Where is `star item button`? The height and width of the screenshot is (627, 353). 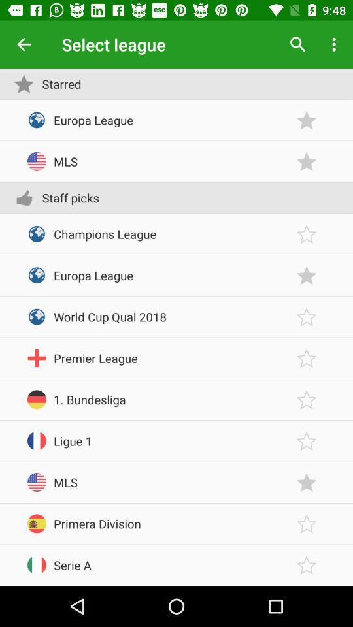
star item button is located at coordinates (307, 441).